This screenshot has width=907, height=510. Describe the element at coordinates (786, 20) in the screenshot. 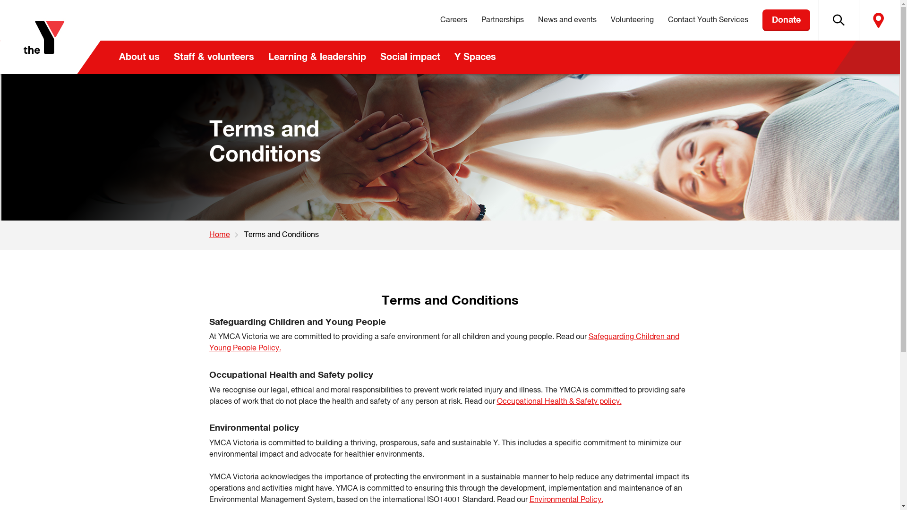

I see `'Donate'` at that location.